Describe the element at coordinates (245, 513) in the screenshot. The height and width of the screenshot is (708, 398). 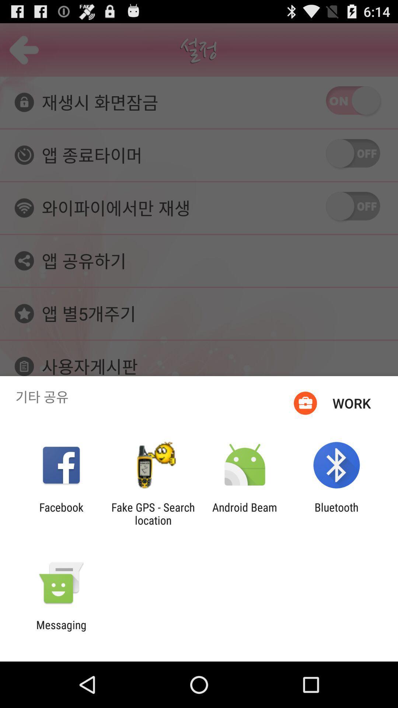
I see `the icon next to bluetooth item` at that location.